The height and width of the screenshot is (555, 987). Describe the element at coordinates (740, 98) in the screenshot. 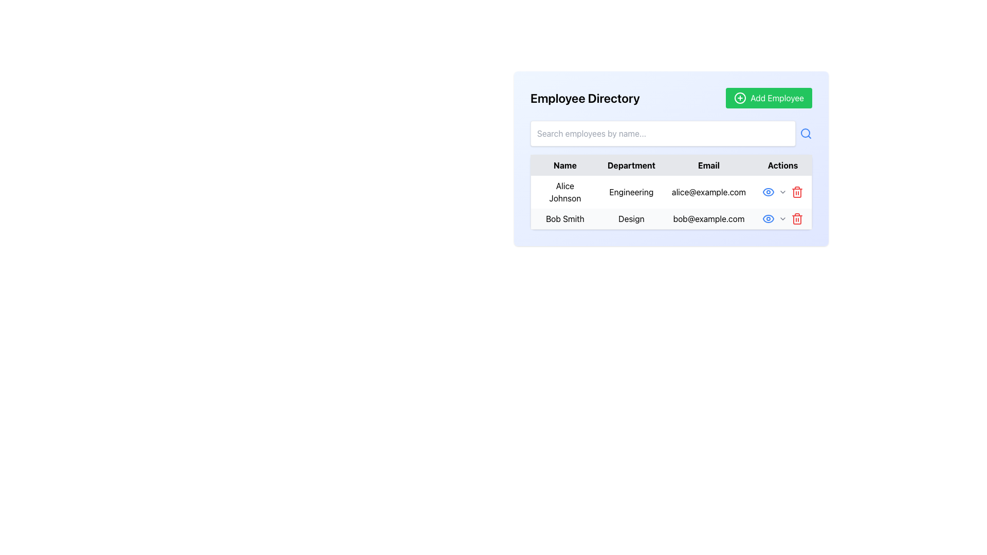

I see `the 'Add Employee' button icon located at the top-right corner of the layout, which is part of the button with a green background` at that location.